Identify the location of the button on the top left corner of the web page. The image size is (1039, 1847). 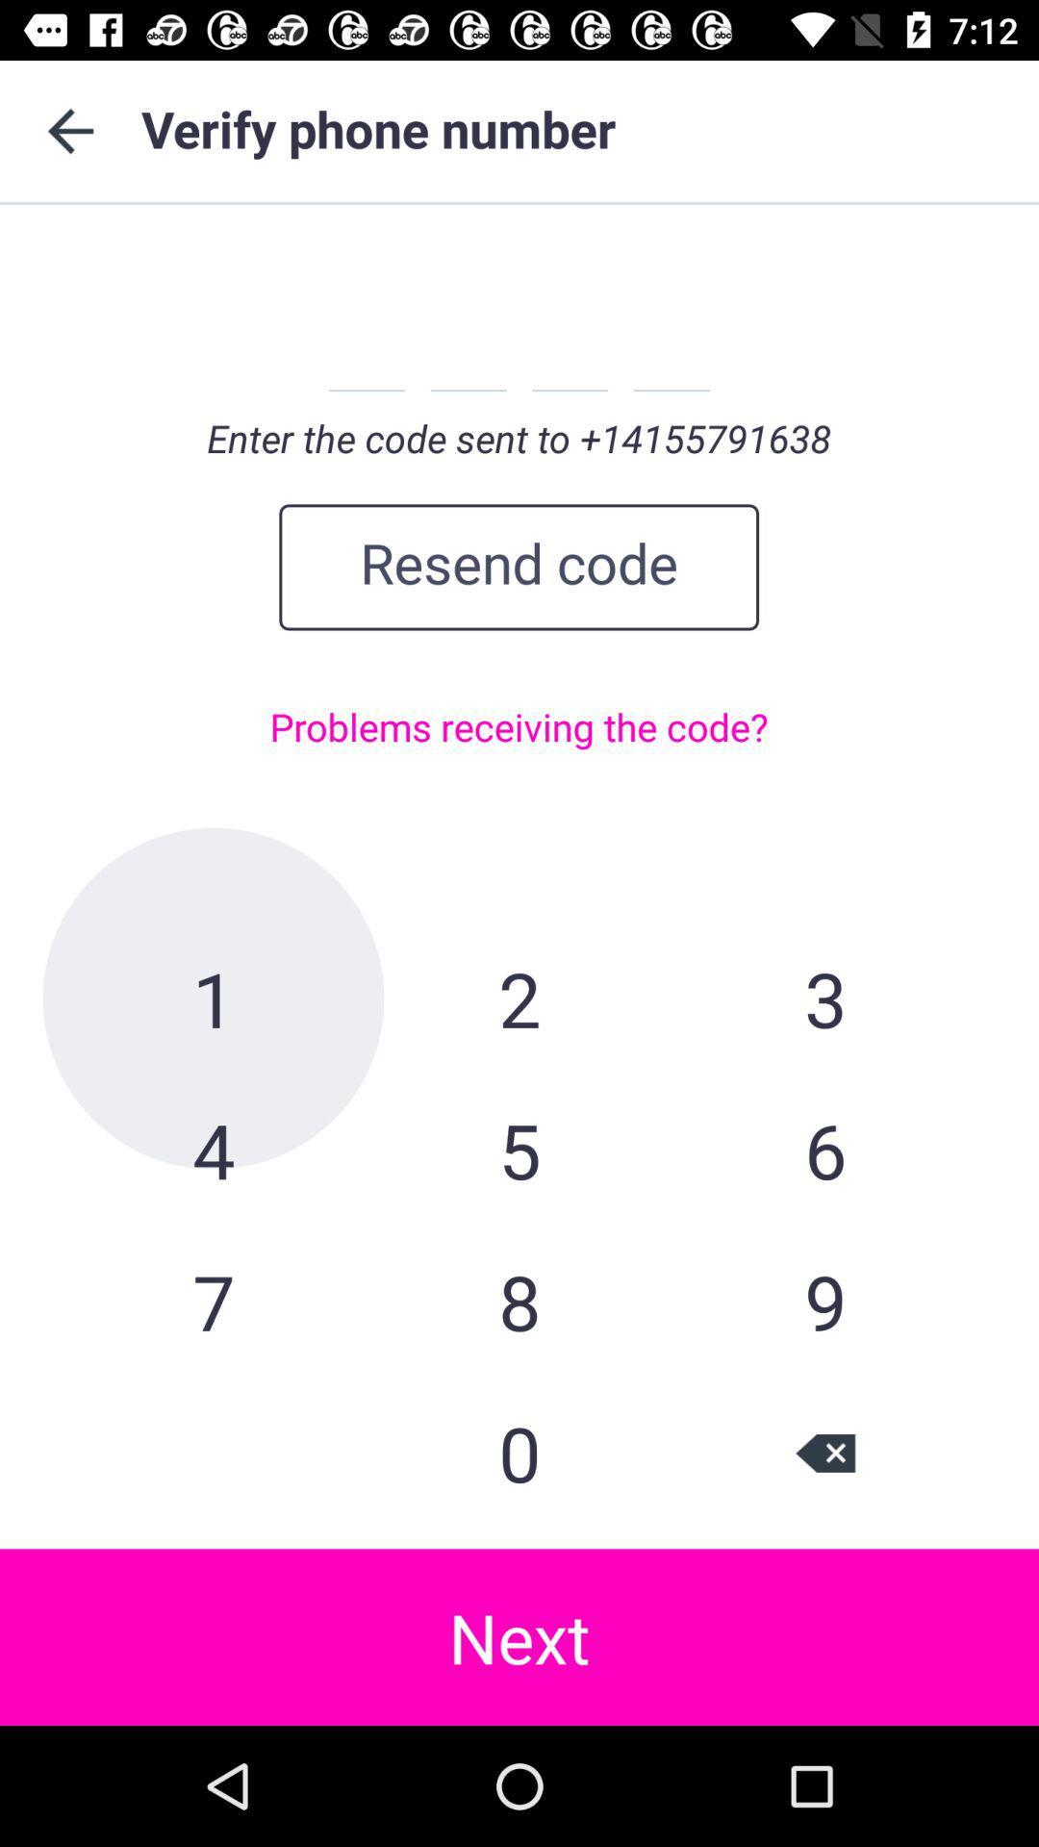
(69, 131).